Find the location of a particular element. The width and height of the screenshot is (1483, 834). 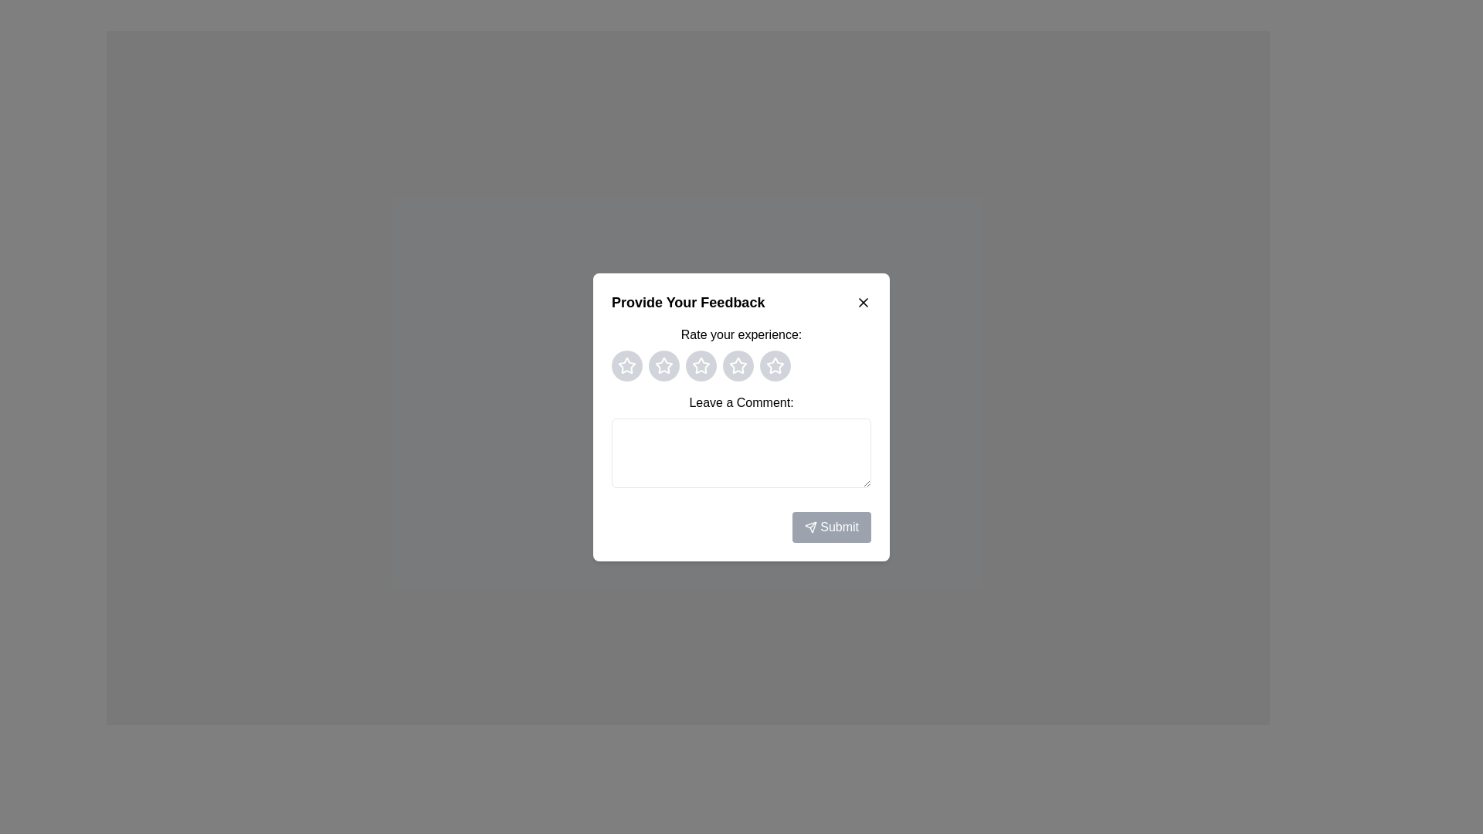

the first star icon in the feedback rating system is located at coordinates (663, 365).